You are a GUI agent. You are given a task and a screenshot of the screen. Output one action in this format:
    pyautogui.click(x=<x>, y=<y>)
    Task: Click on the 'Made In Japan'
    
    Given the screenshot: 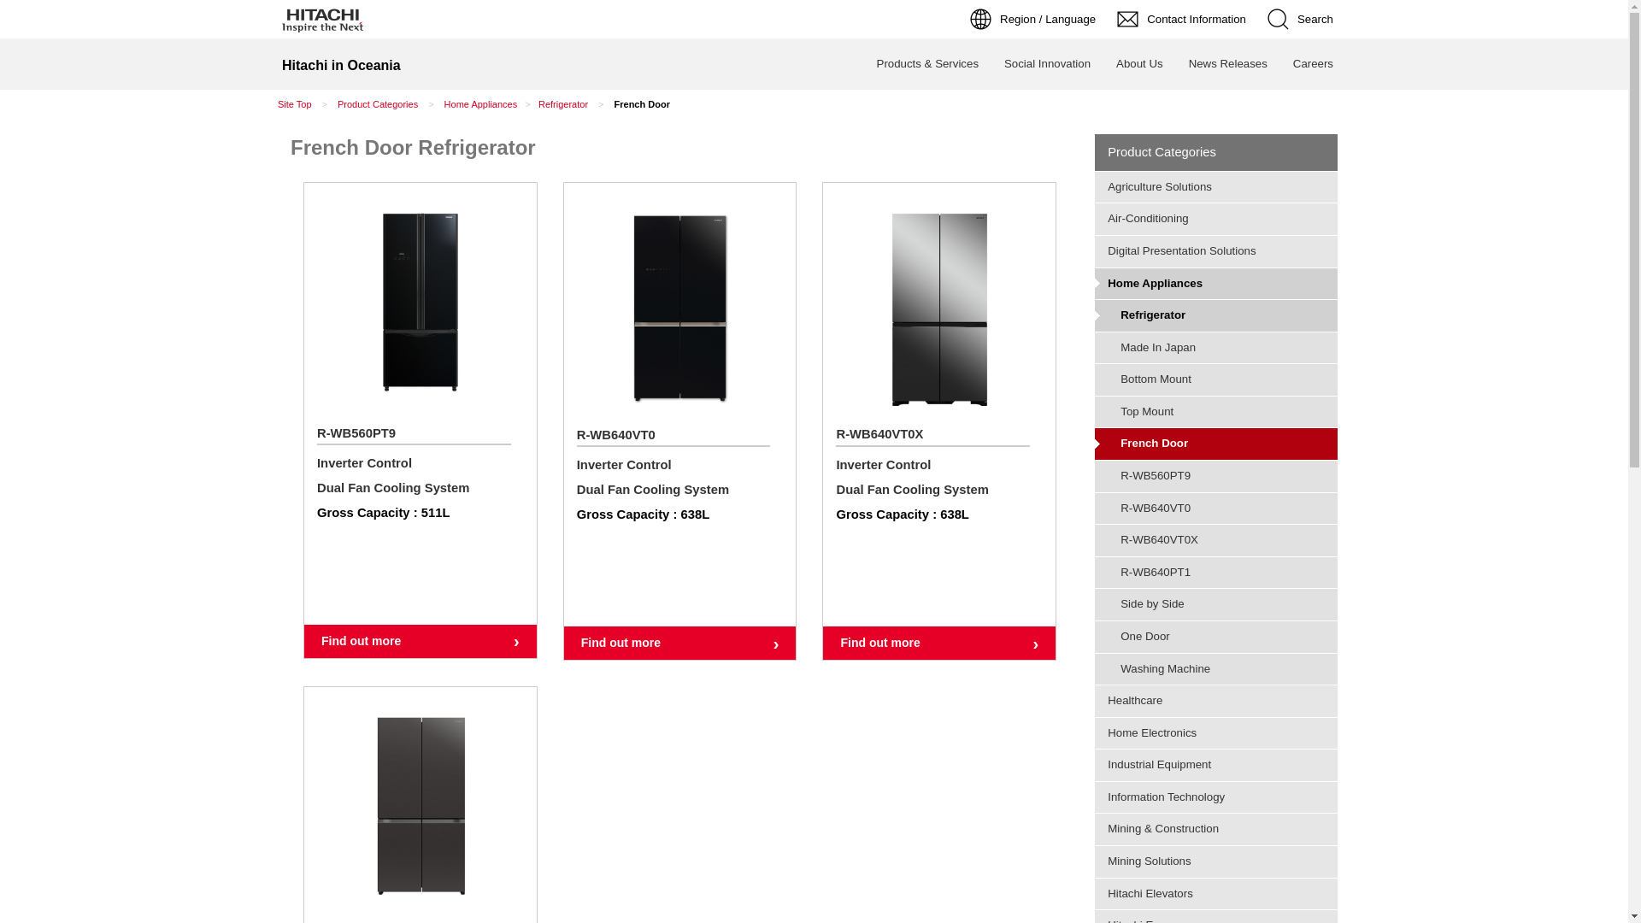 What is the action you would take?
    pyautogui.click(x=1215, y=347)
    